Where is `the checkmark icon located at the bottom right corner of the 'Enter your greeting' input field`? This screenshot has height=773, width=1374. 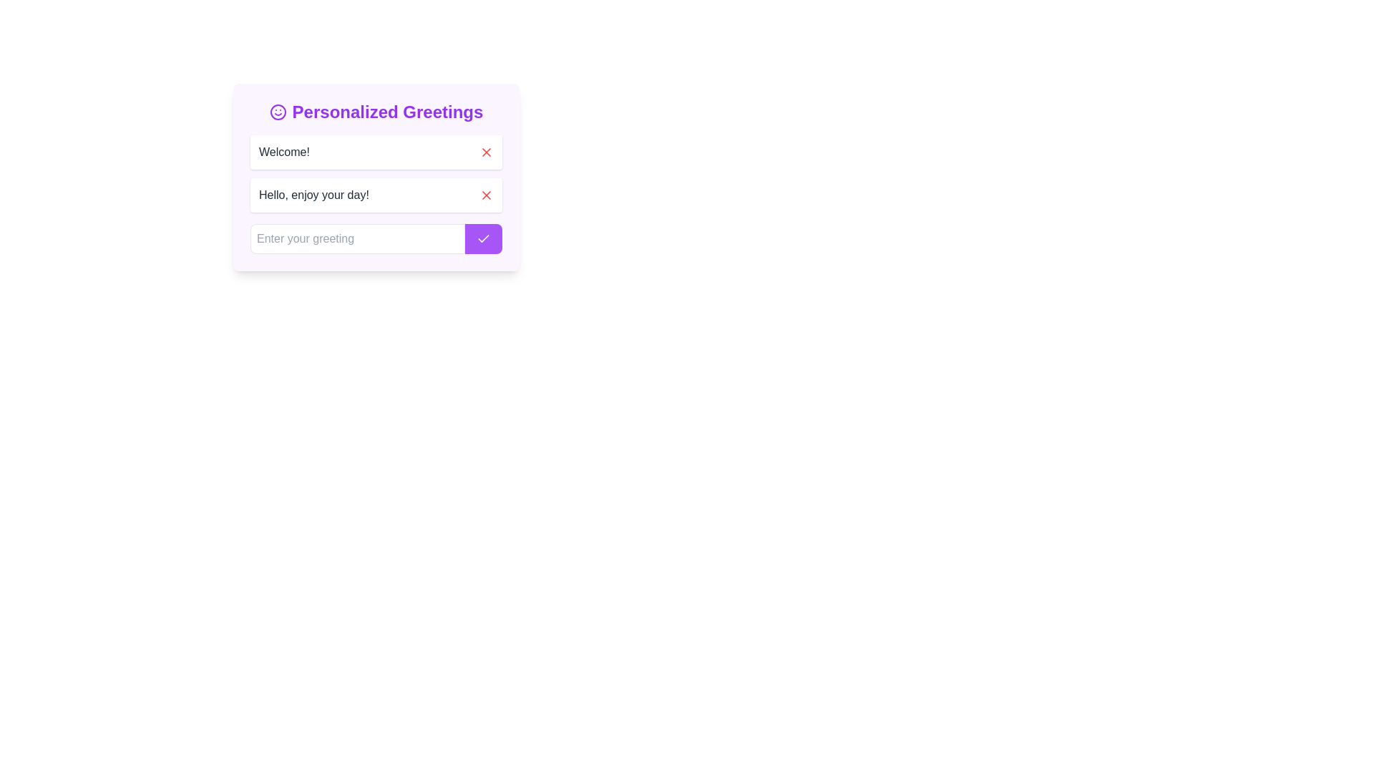 the checkmark icon located at the bottom right corner of the 'Enter your greeting' input field is located at coordinates (484, 238).